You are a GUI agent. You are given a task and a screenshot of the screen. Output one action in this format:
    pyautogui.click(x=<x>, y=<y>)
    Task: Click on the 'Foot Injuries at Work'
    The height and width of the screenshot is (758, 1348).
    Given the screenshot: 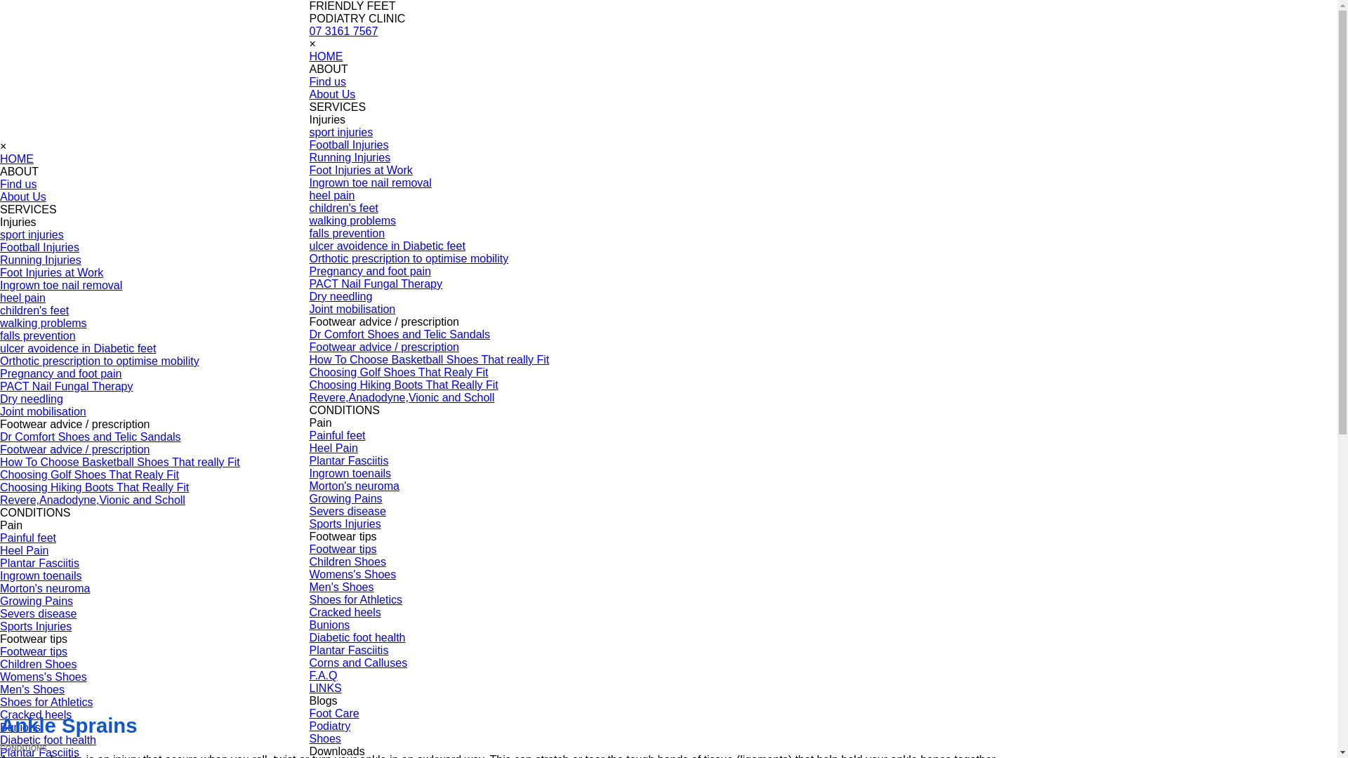 What is the action you would take?
    pyautogui.click(x=360, y=169)
    